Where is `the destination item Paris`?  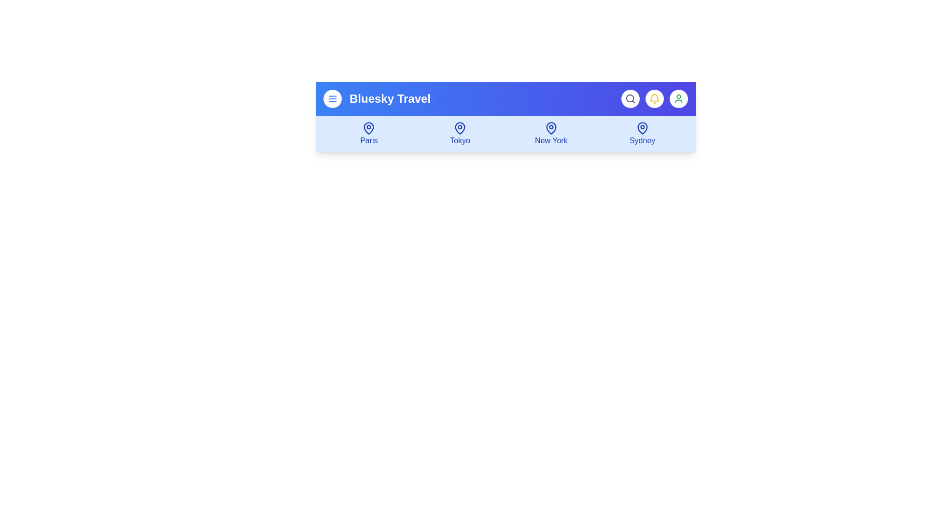
the destination item Paris is located at coordinates (368, 134).